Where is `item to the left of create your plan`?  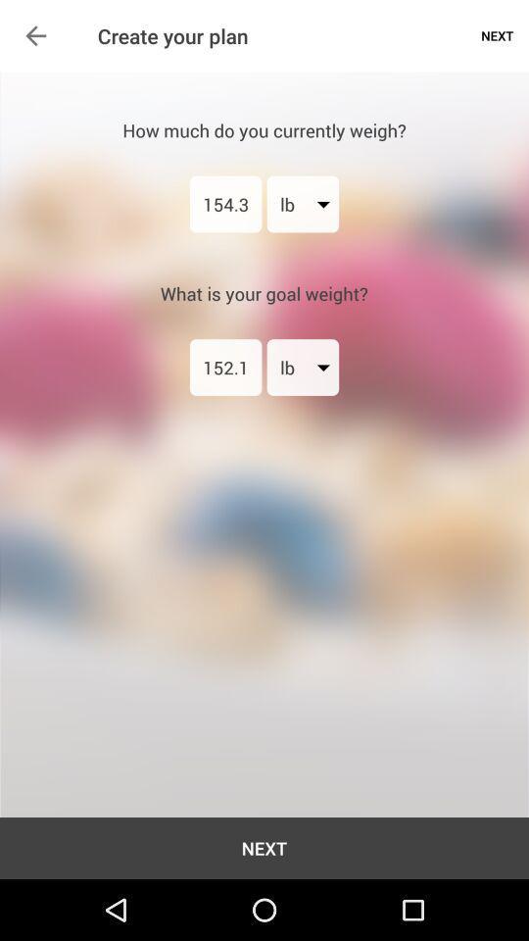
item to the left of create your plan is located at coordinates (35, 34).